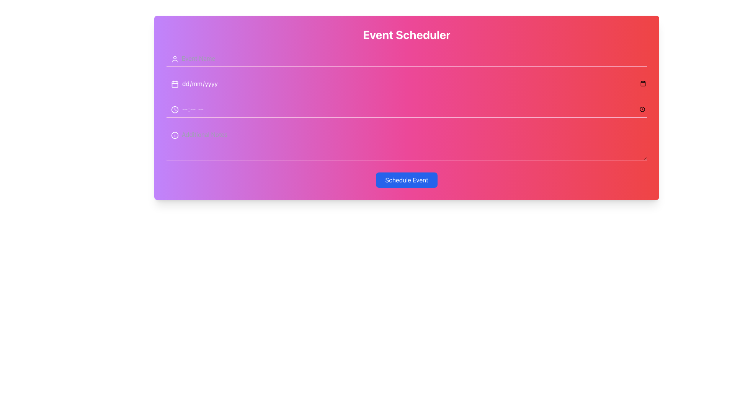 The width and height of the screenshot is (735, 413). I want to click on the date selection icon, which is positioned just to the left of the date input field ('dd/mm/yyyy') within the form layout, so click(174, 84).